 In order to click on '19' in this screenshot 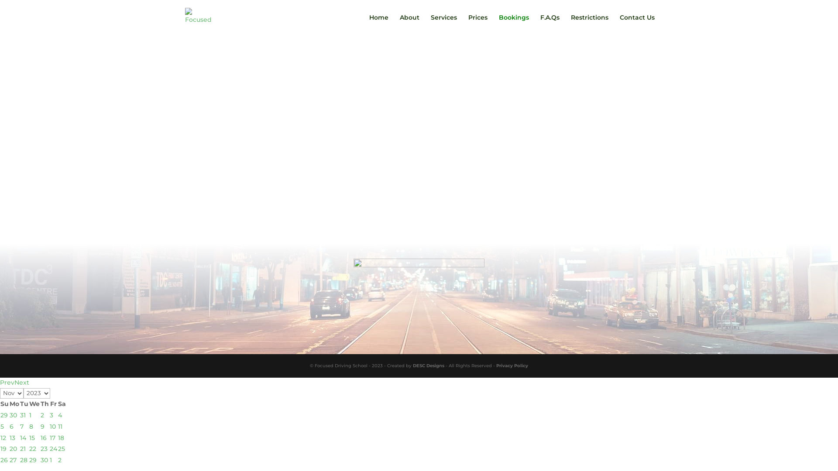, I will do `click(3, 449)`.